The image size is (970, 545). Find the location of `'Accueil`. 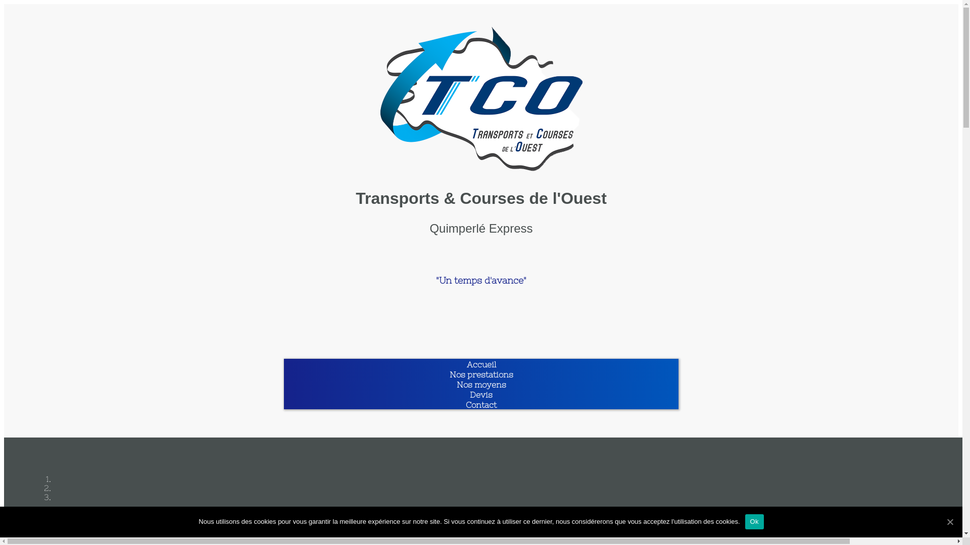

'Accueil is located at coordinates (481, 364).